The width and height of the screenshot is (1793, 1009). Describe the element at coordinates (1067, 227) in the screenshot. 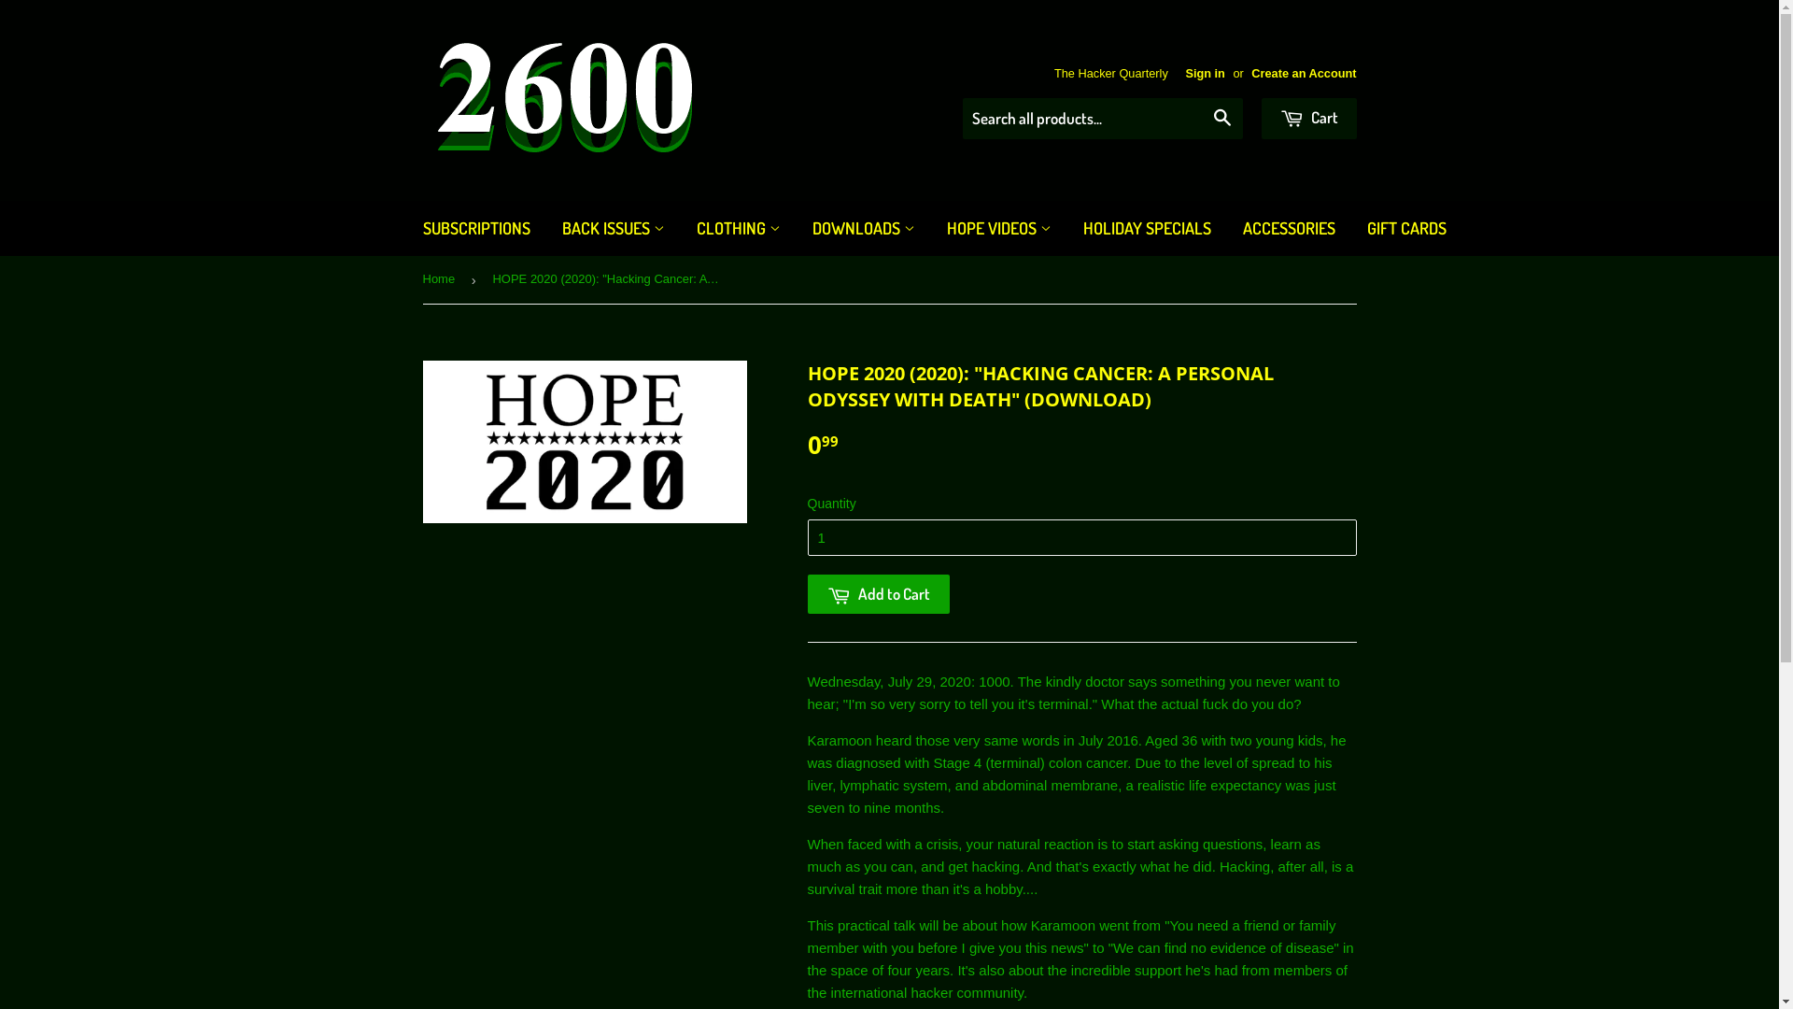

I see `'HOLIDAY SPECIALS'` at that location.